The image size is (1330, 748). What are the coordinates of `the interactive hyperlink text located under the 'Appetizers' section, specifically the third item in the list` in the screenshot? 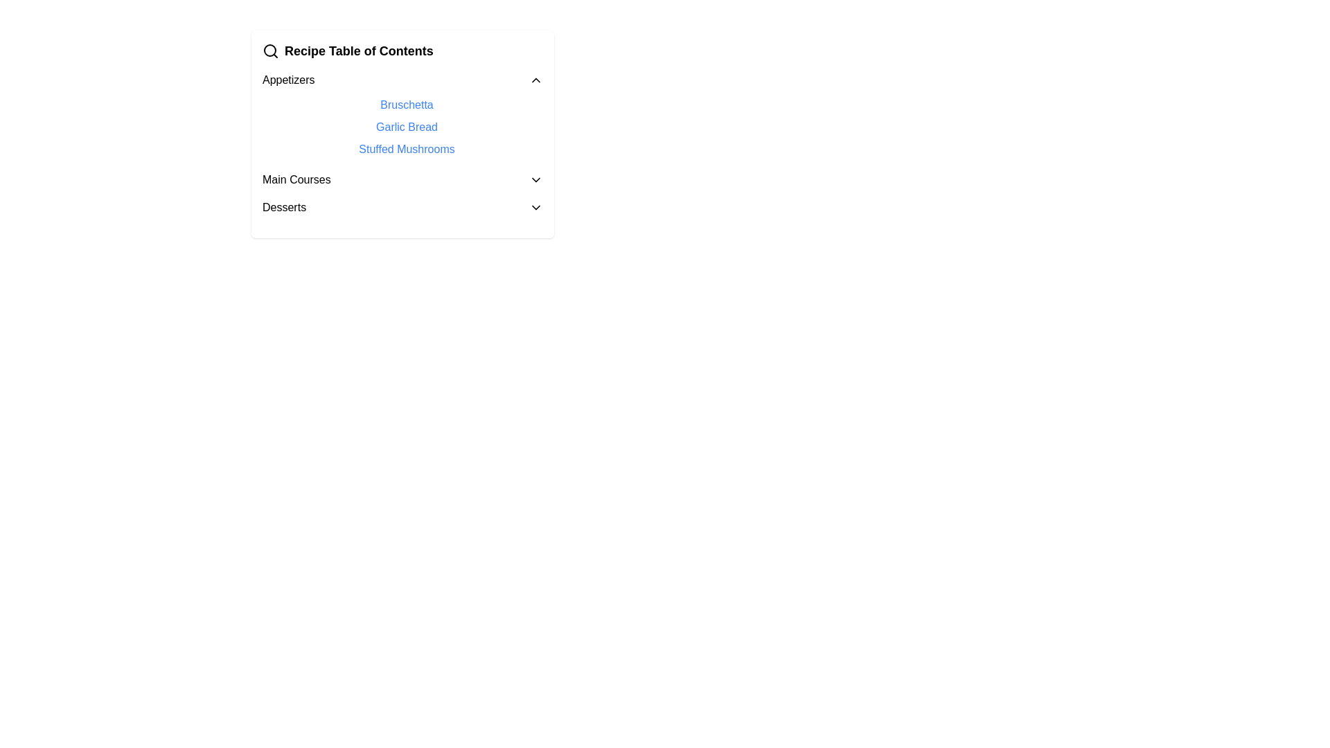 It's located at (402, 144).